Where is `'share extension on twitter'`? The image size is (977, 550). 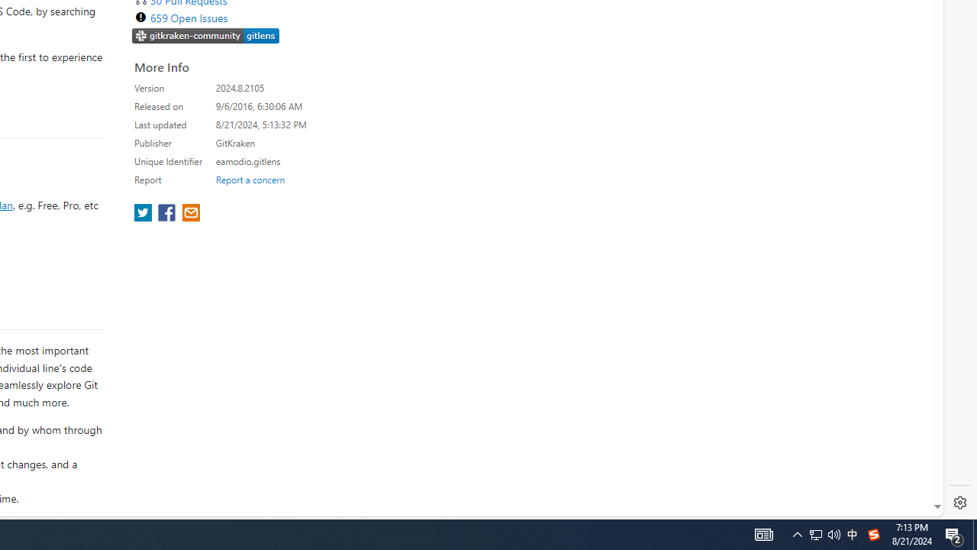
'share extension on twitter' is located at coordinates (145, 214).